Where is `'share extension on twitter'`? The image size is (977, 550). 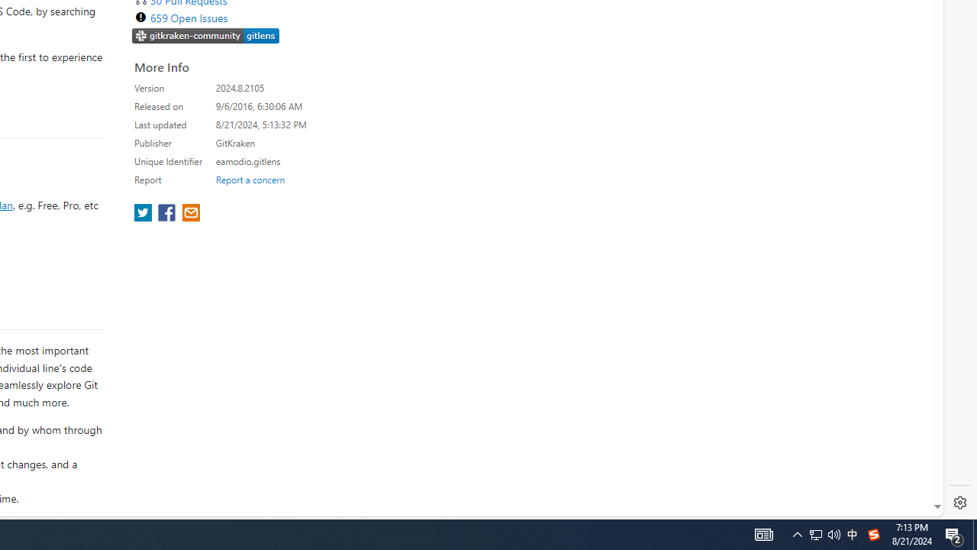
'share extension on twitter' is located at coordinates (145, 214).